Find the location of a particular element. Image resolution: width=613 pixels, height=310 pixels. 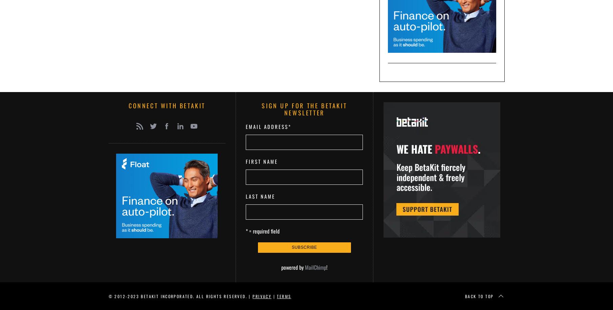

'Back to top' is located at coordinates (465, 295).